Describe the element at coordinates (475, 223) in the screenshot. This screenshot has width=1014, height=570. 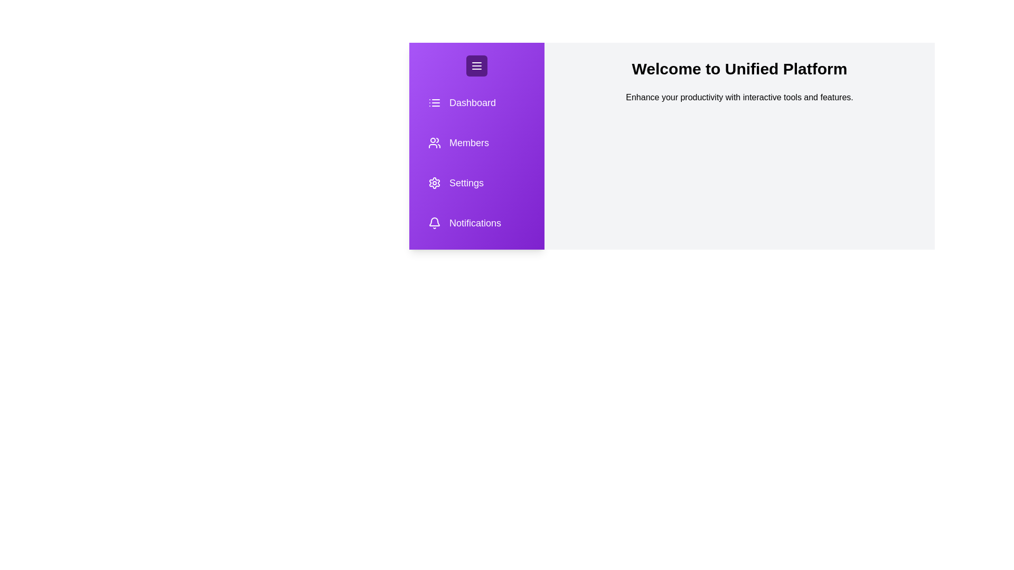
I see `the sidebar item labeled Notifications` at that location.